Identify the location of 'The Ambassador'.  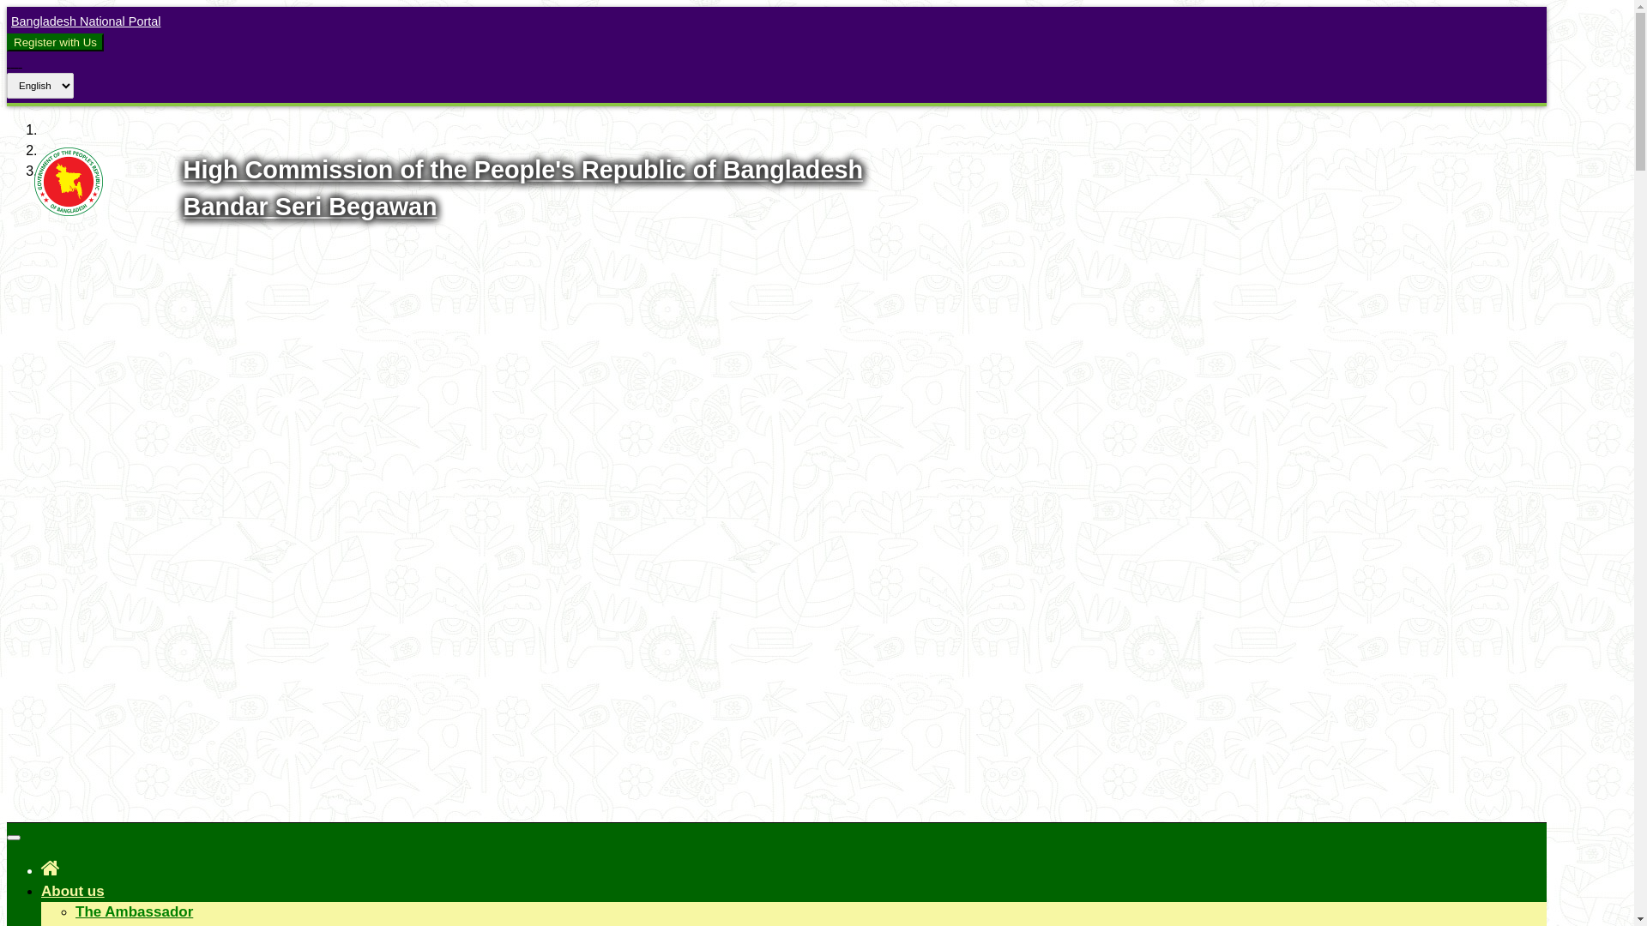
(133, 911).